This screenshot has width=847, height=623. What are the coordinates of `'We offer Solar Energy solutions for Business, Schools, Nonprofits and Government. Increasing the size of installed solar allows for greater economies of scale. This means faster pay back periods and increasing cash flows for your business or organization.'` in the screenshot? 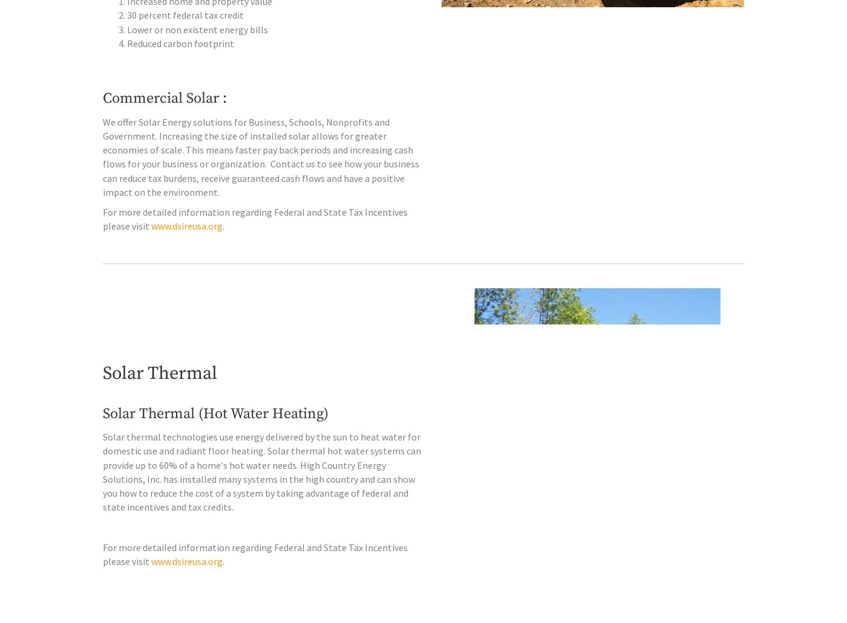 It's located at (258, 167).